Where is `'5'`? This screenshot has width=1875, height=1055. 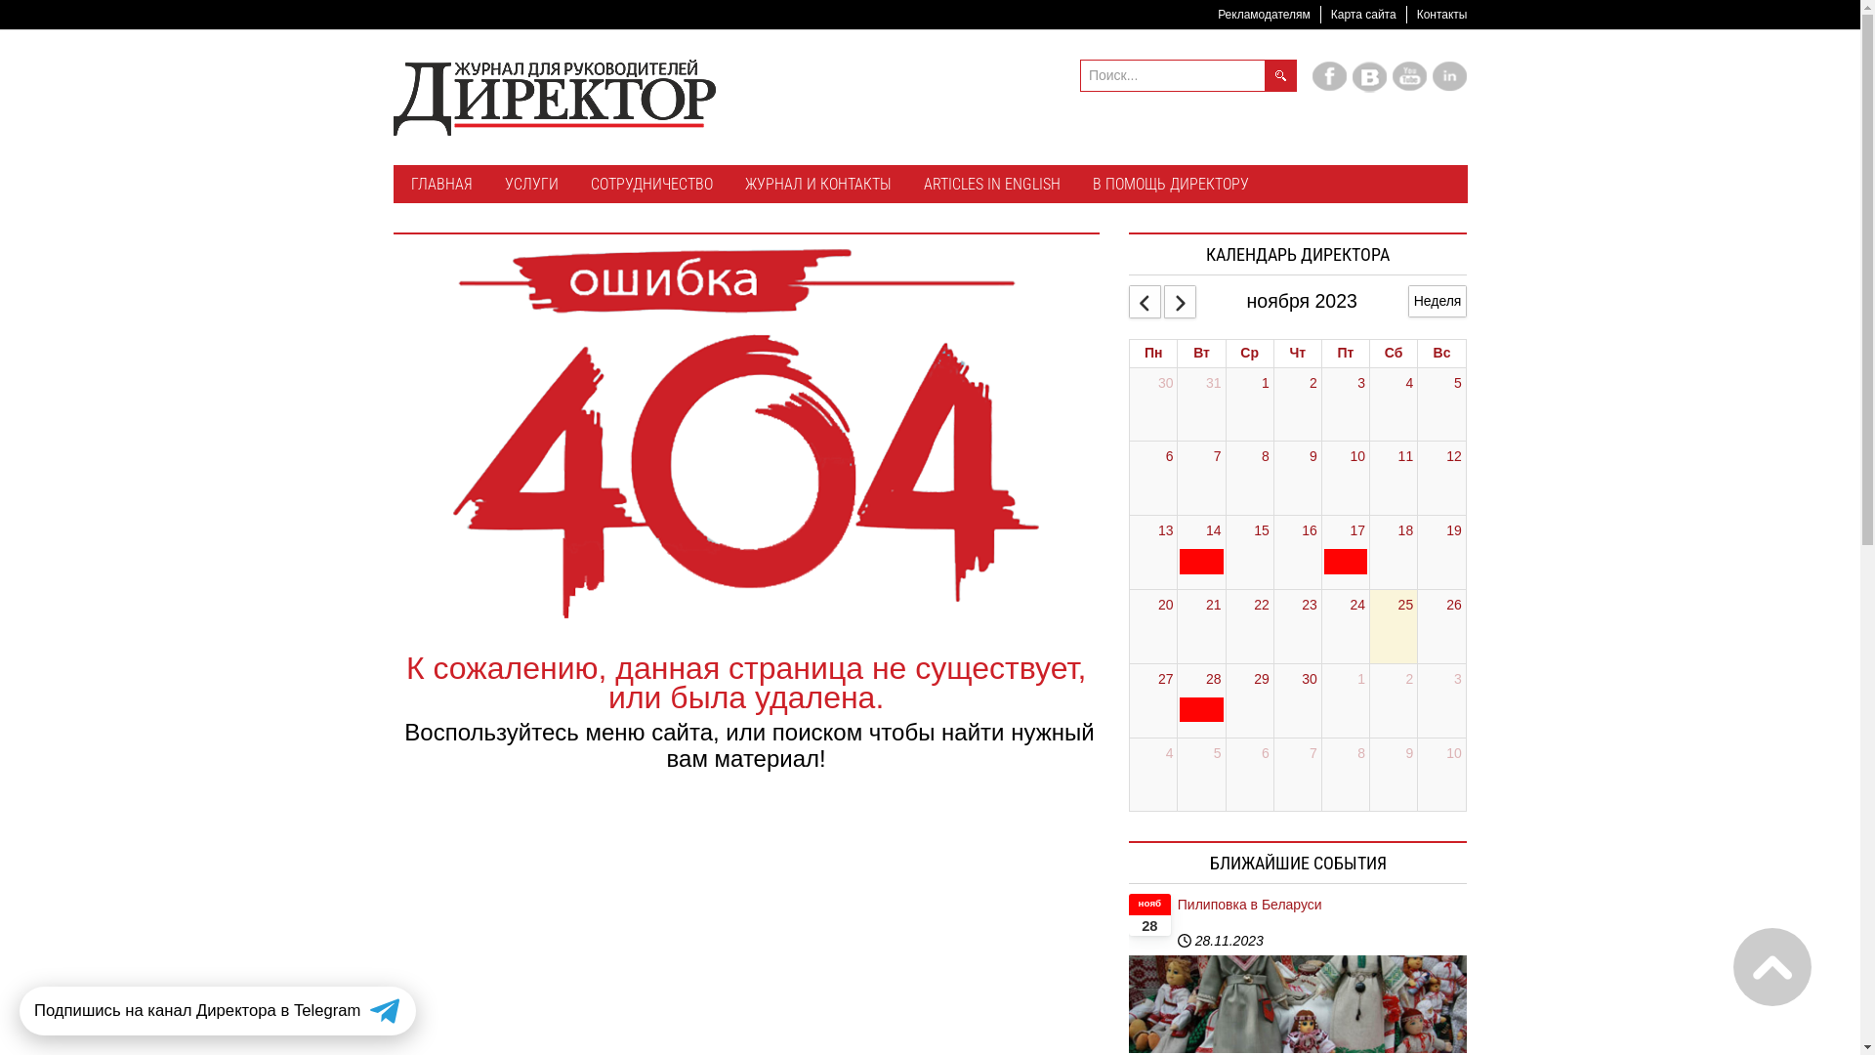 '5' is located at coordinates (1217, 752).